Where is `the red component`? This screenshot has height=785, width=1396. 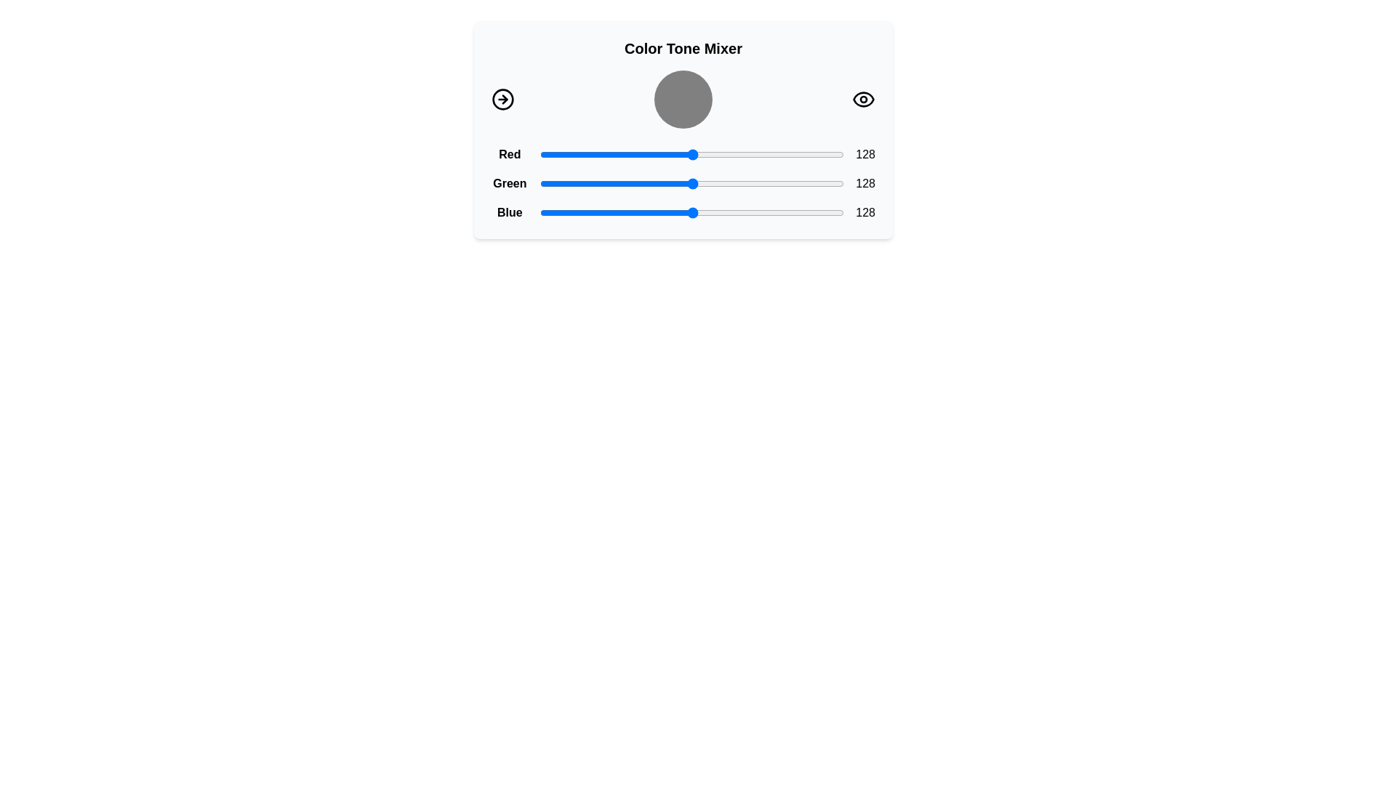 the red component is located at coordinates (699, 154).